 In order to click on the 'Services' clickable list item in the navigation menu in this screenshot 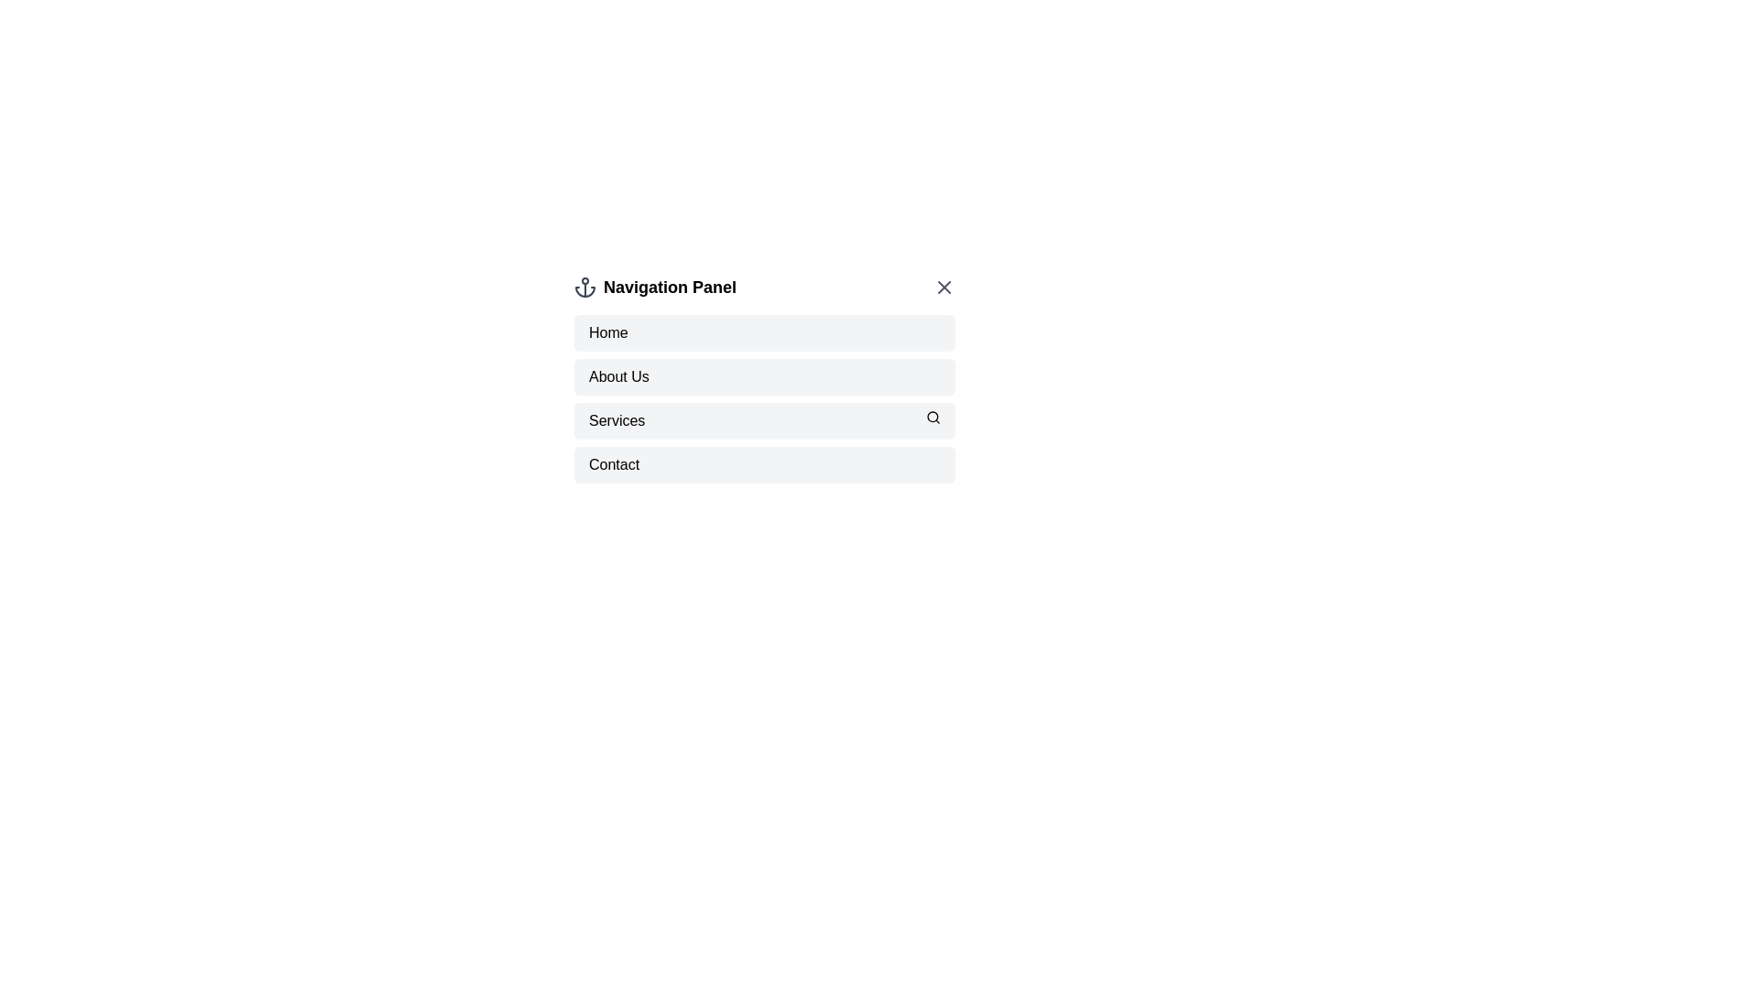, I will do `click(765, 420)`.